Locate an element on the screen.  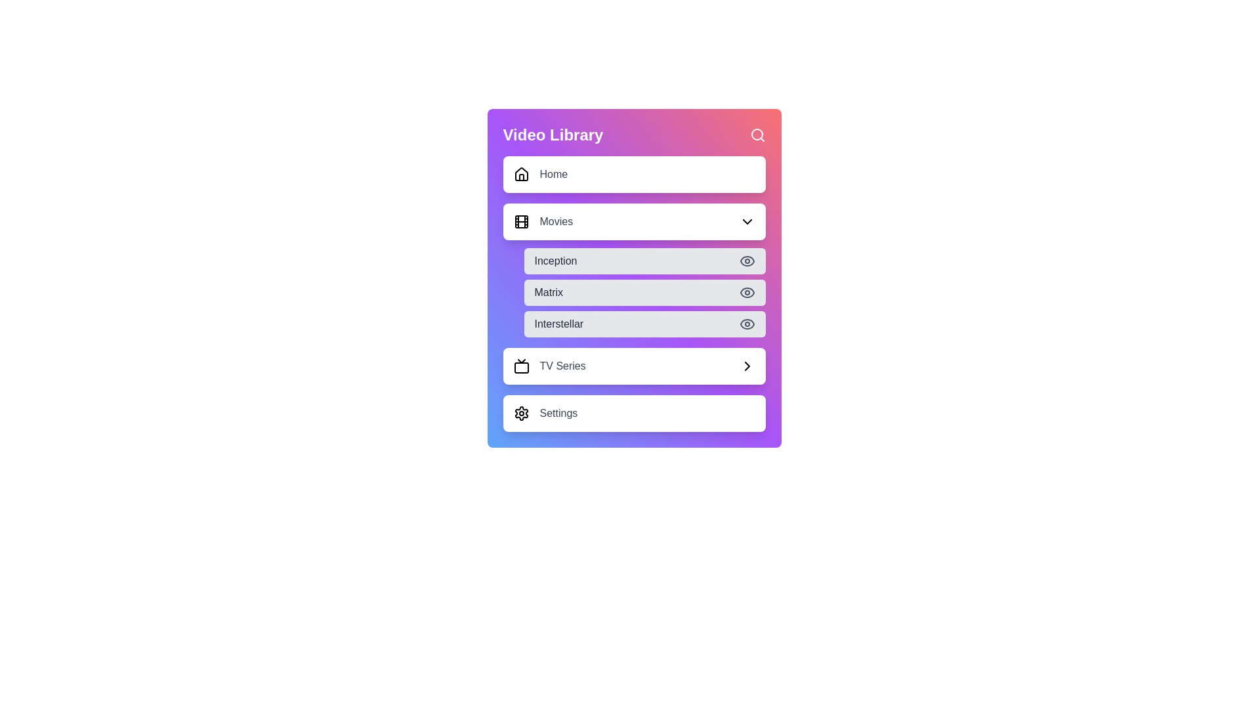
the movie selection element for 'Matrix' located in the second position of the list of movie titles under the 'Movies' section is located at coordinates (644, 292).